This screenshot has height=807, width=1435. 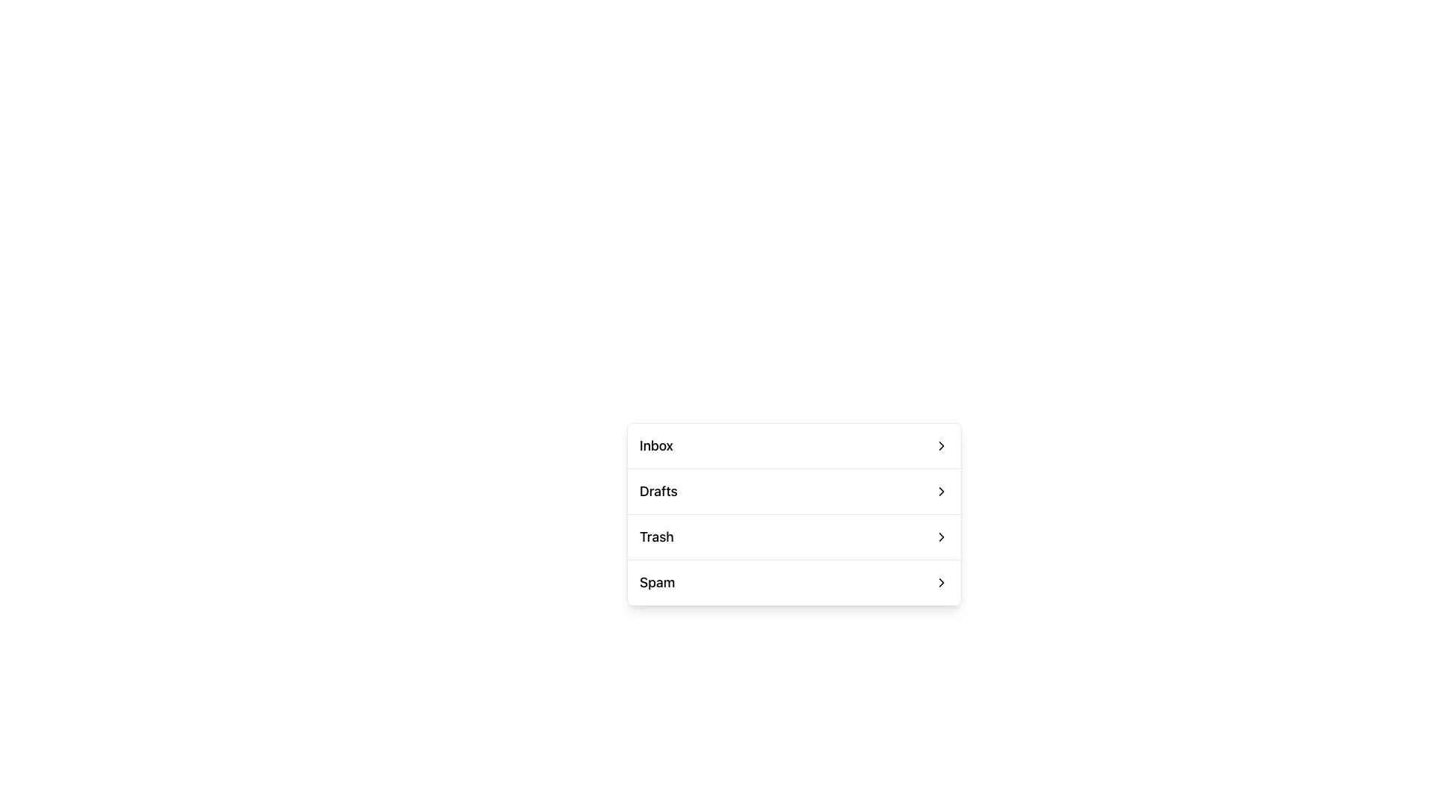 What do you see at coordinates (793, 491) in the screenshot?
I see `keyboard navigation` at bounding box center [793, 491].